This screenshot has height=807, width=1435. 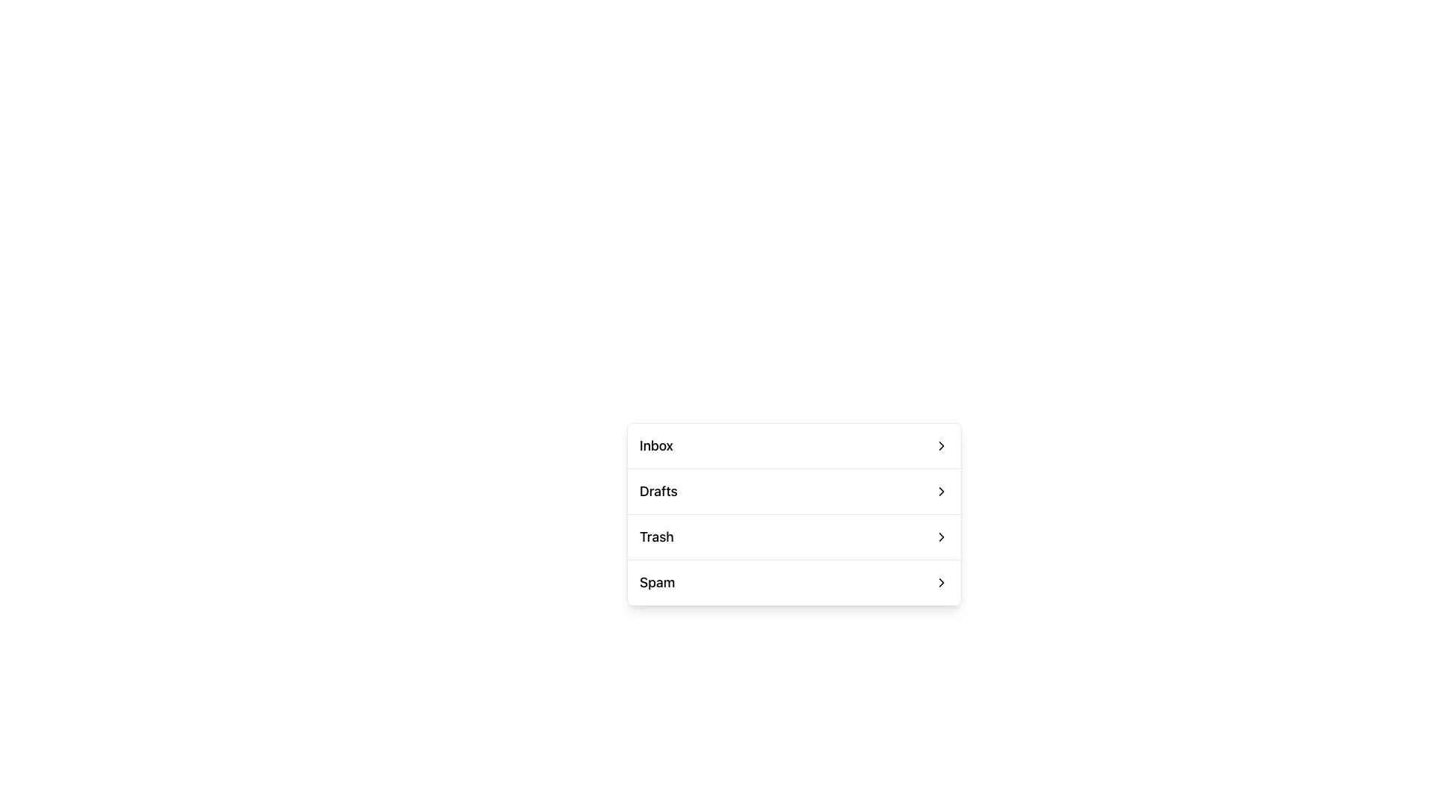 What do you see at coordinates (793, 491) in the screenshot?
I see `keyboard navigation` at bounding box center [793, 491].